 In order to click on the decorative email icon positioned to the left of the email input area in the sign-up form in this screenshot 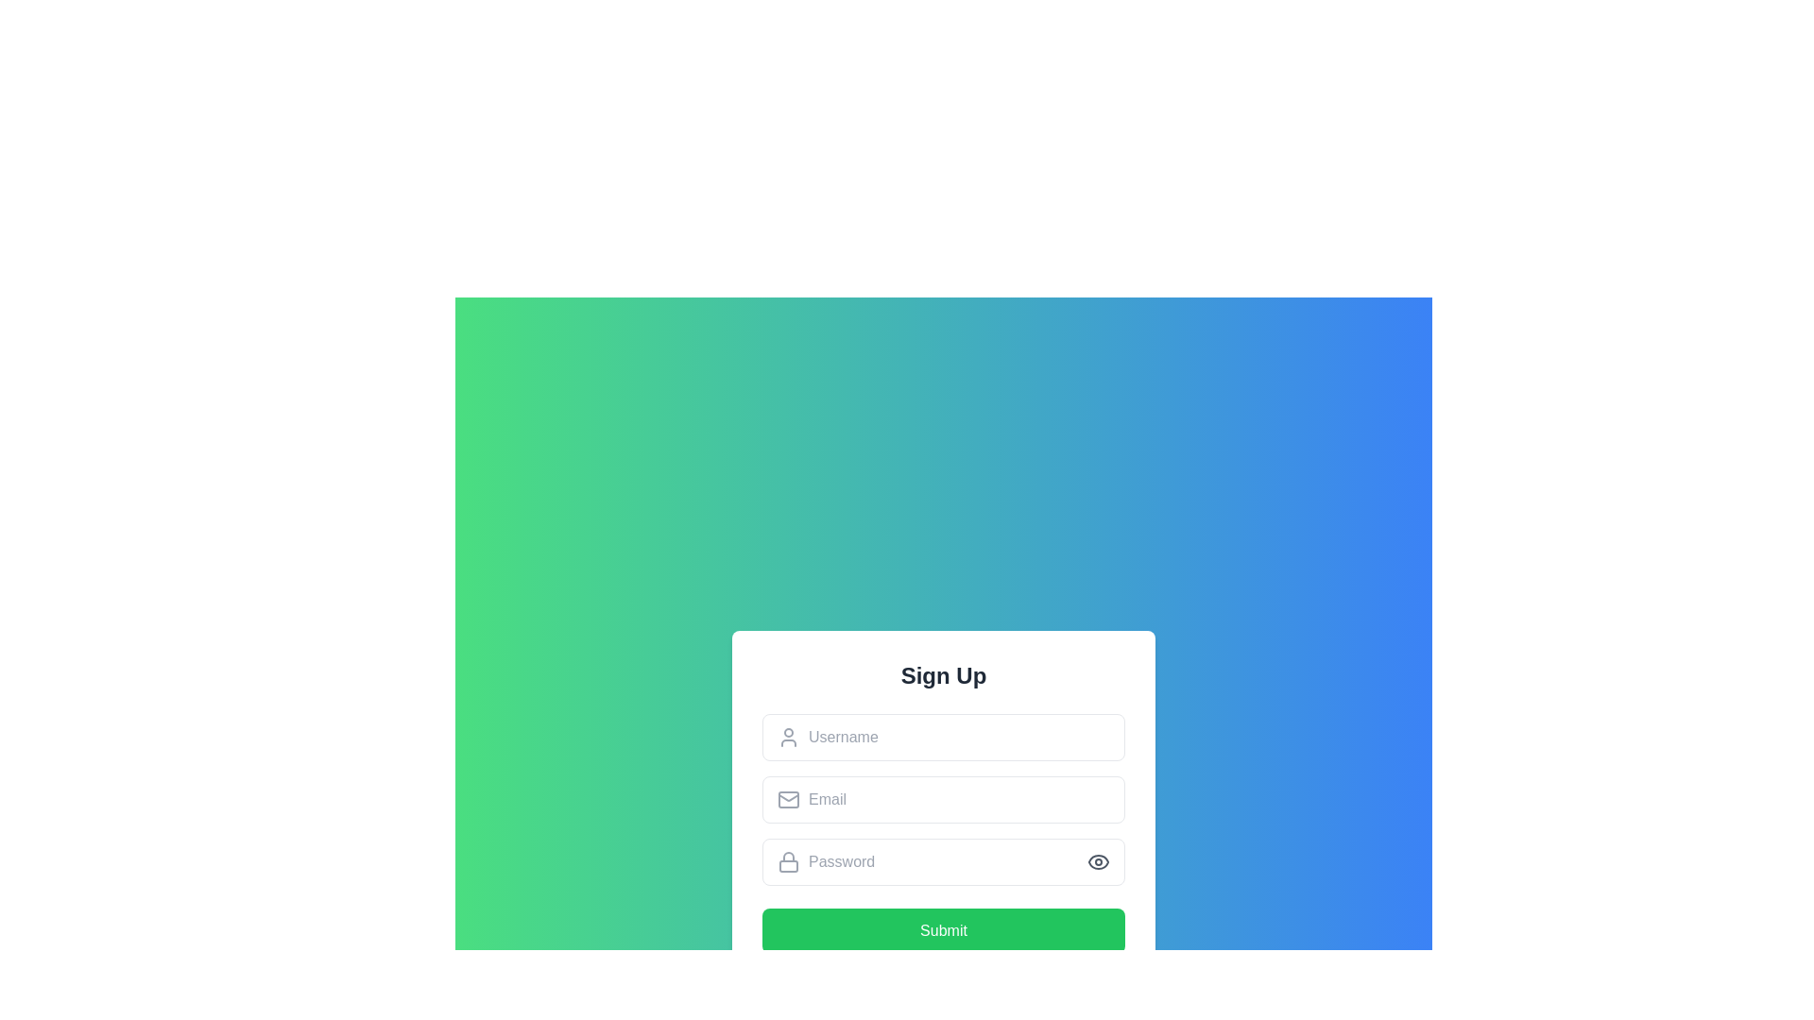, I will do `click(789, 797)`.